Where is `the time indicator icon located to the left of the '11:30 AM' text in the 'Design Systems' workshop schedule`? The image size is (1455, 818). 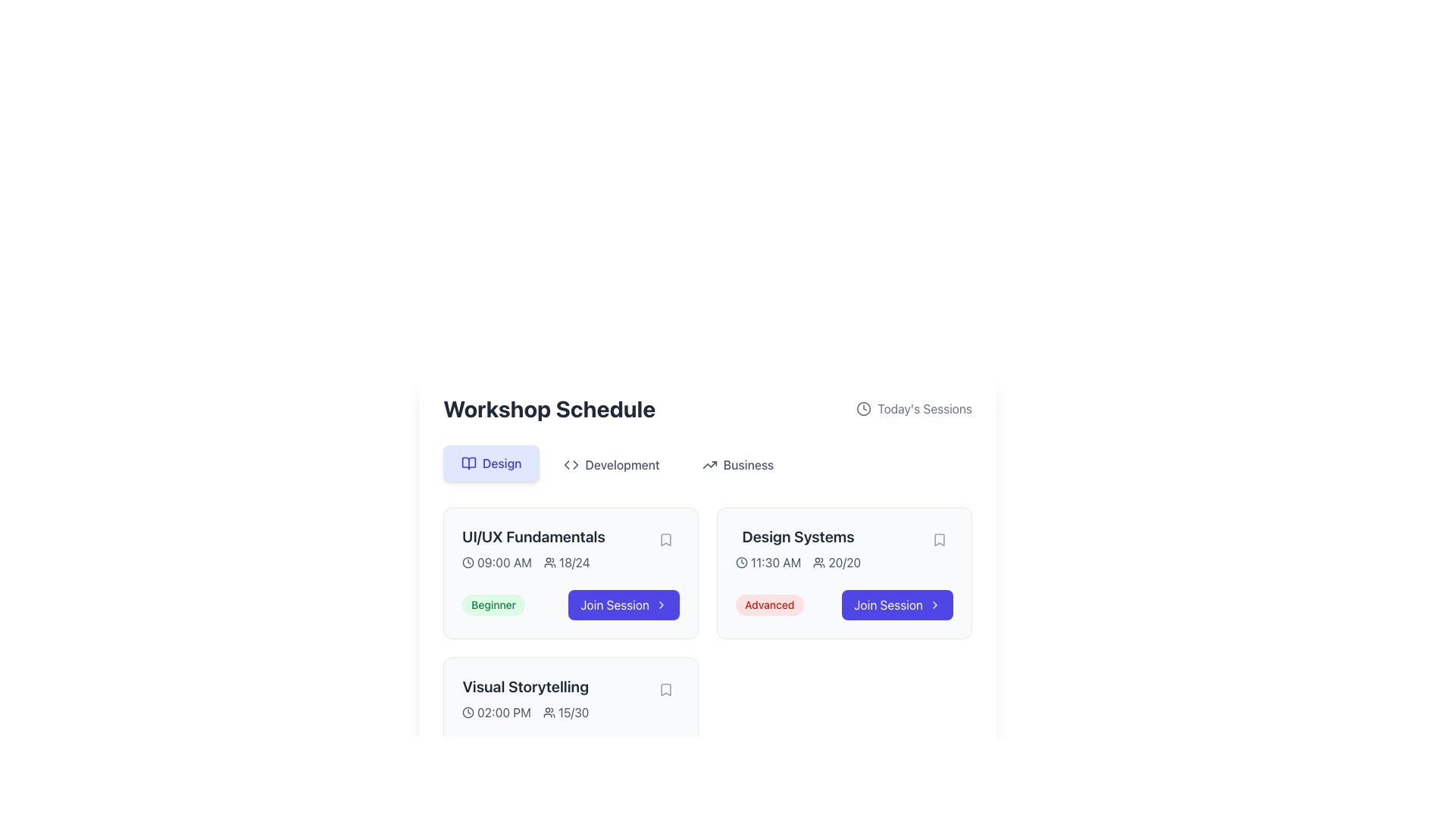 the time indicator icon located to the left of the '11:30 AM' text in the 'Design Systems' workshop schedule is located at coordinates (742, 563).